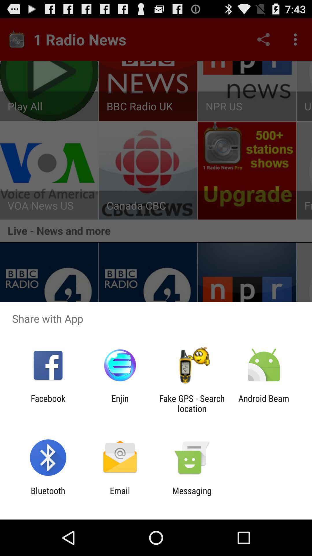 The width and height of the screenshot is (312, 556). I want to click on icon to the left of email, so click(48, 495).